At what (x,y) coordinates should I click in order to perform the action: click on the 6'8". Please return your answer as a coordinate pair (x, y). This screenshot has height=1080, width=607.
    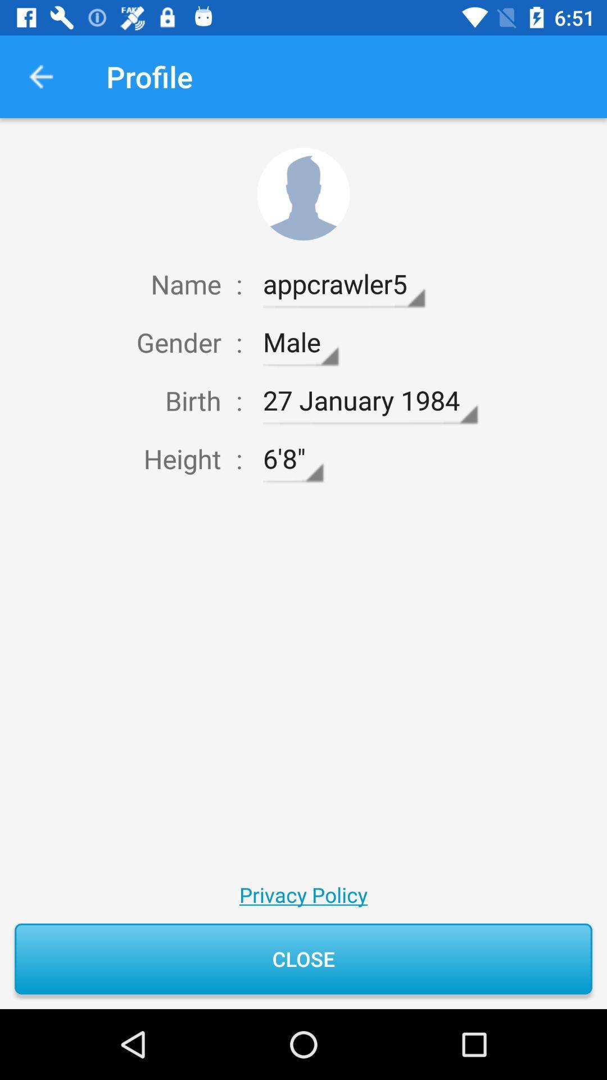
    Looking at the image, I should click on (292, 459).